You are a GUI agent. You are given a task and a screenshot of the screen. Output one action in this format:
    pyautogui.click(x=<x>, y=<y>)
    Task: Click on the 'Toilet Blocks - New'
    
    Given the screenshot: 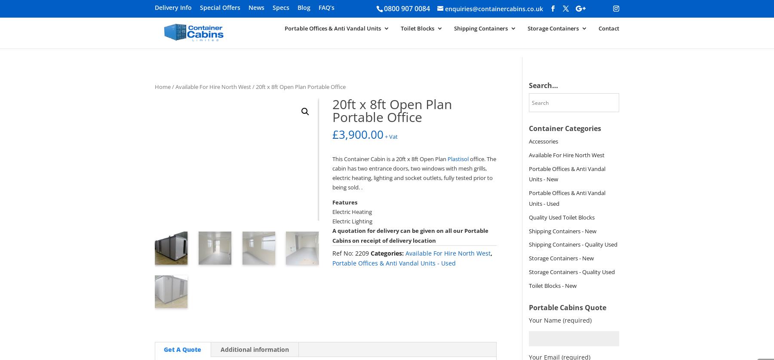 What is the action you would take?
    pyautogui.click(x=552, y=285)
    